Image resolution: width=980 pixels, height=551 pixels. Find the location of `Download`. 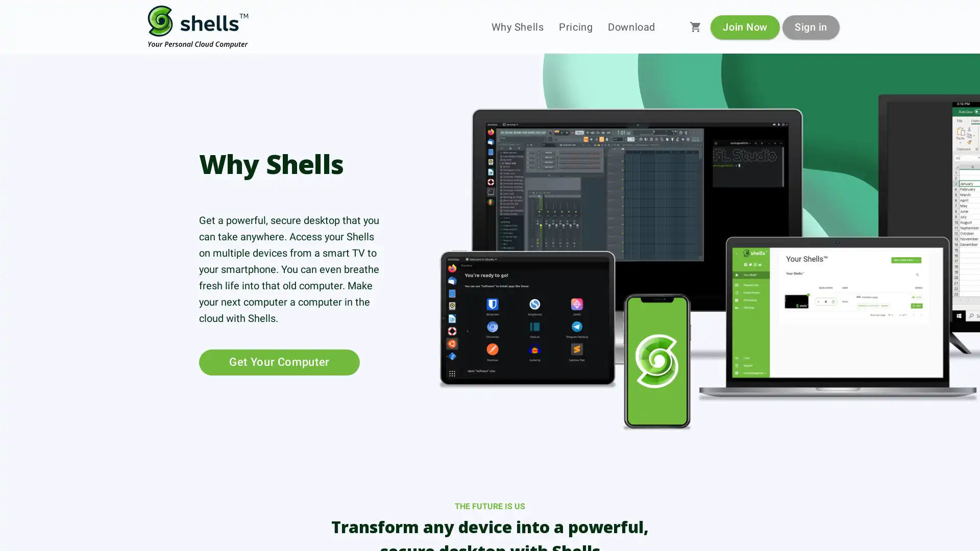

Download is located at coordinates (631, 27).